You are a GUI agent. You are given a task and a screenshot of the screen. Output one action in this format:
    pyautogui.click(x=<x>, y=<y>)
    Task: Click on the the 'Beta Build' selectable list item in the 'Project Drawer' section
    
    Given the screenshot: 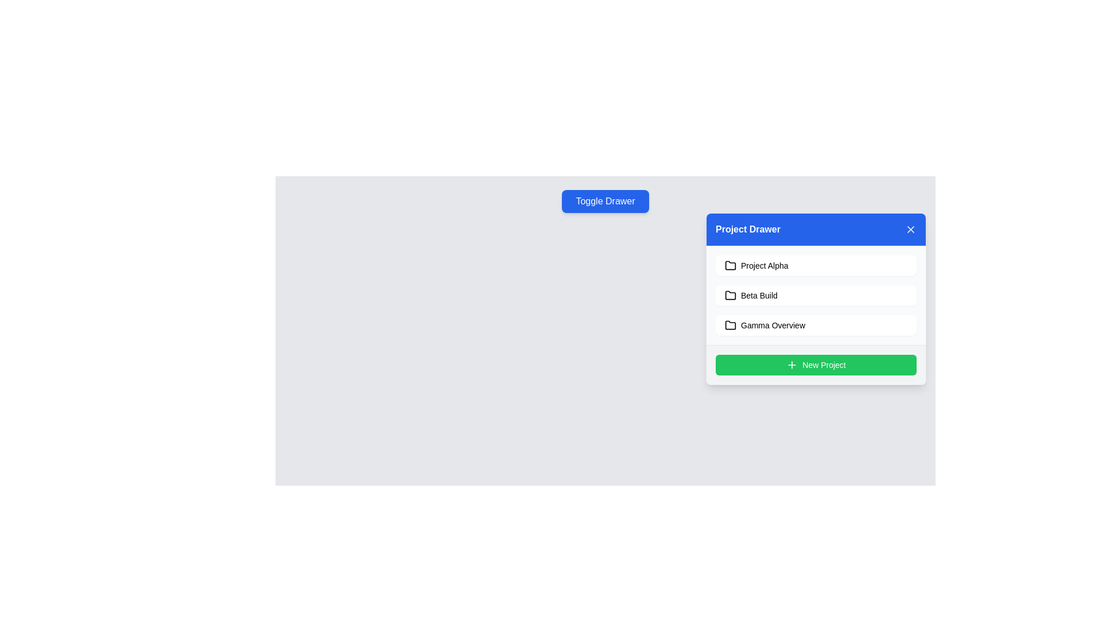 What is the action you would take?
    pyautogui.click(x=815, y=295)
    